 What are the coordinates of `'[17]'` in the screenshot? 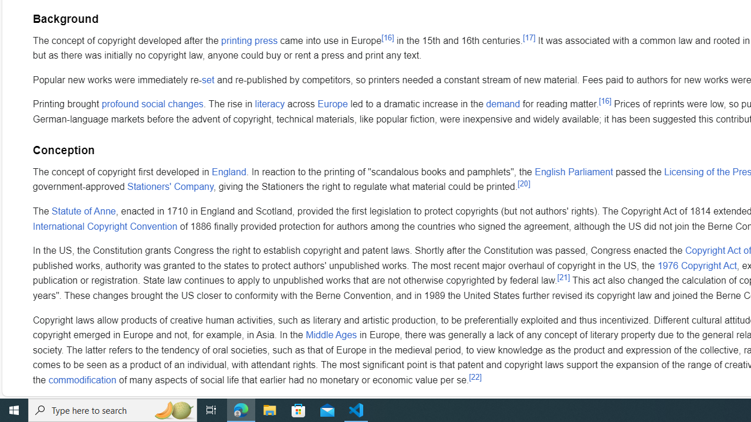 It's located at (528, 37).